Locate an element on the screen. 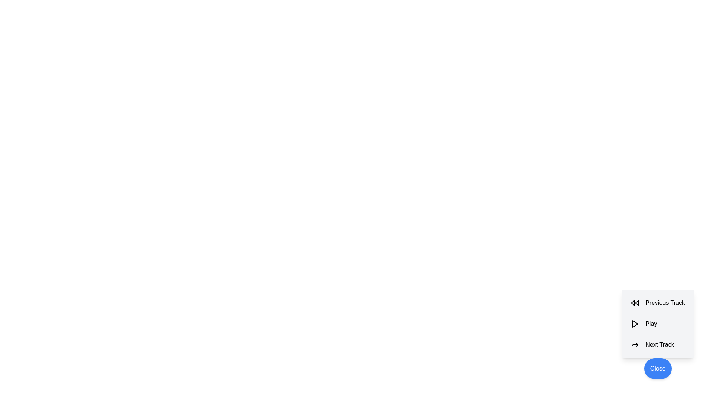 The image size is (718, 403). the play icon button, which is a triangular shape pointing to the right, located in the bottom-right portion of the interface within a vertical menu list is located at coordinates (635, 323).